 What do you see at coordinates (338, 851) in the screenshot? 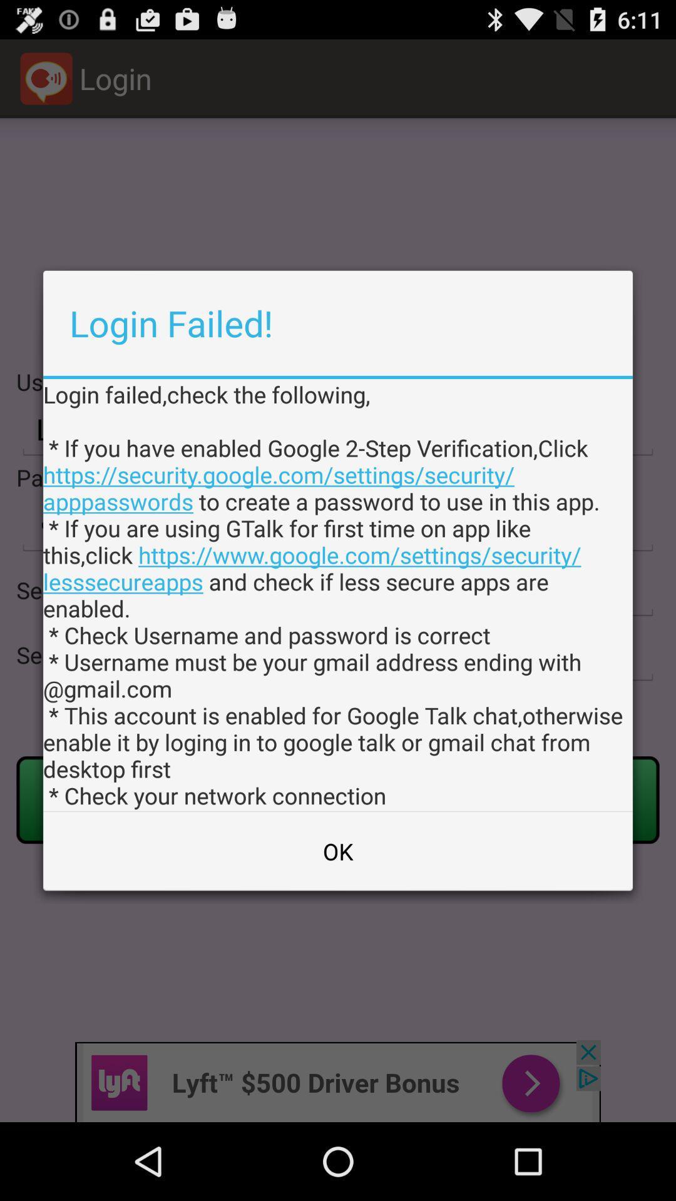
I see `the icon below login failed check icon` at bounding box center [338, 851].